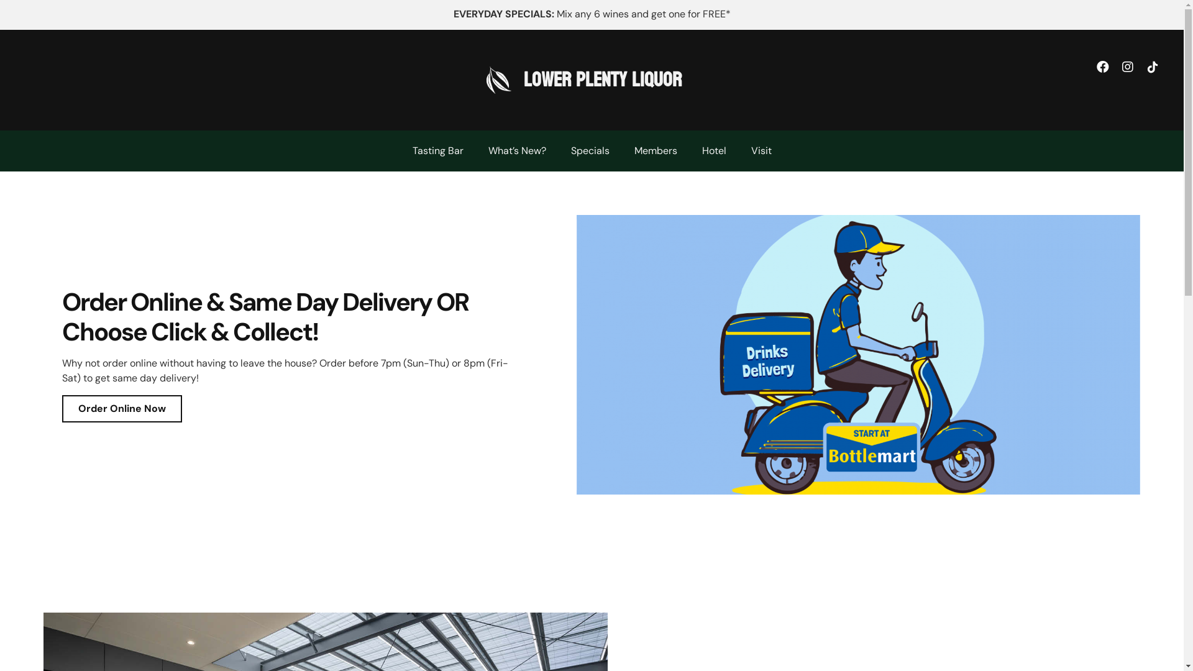 This screenshot has width=1193, height=671. What do you see at coordinates (621, 150) in the screenshot?
I see `'Members'` at bounding box center [621, 150].